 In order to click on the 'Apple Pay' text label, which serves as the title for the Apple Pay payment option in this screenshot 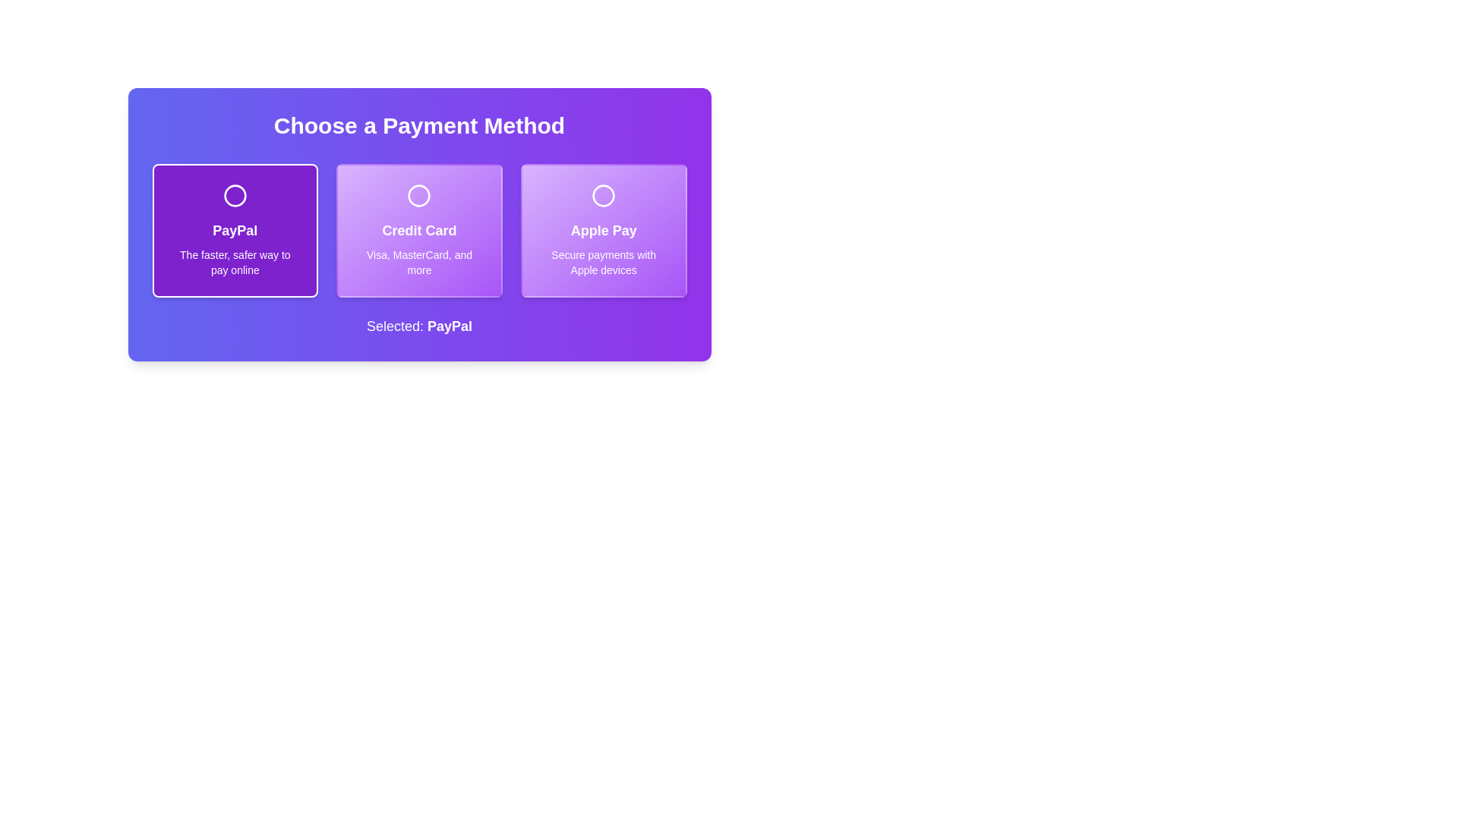, I will do `click(603, 231)`.